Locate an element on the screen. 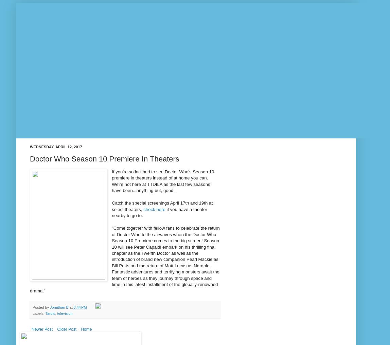  'Doctor Who Season 10 Premiere In Theaters' is located at coordinates (104, 158).